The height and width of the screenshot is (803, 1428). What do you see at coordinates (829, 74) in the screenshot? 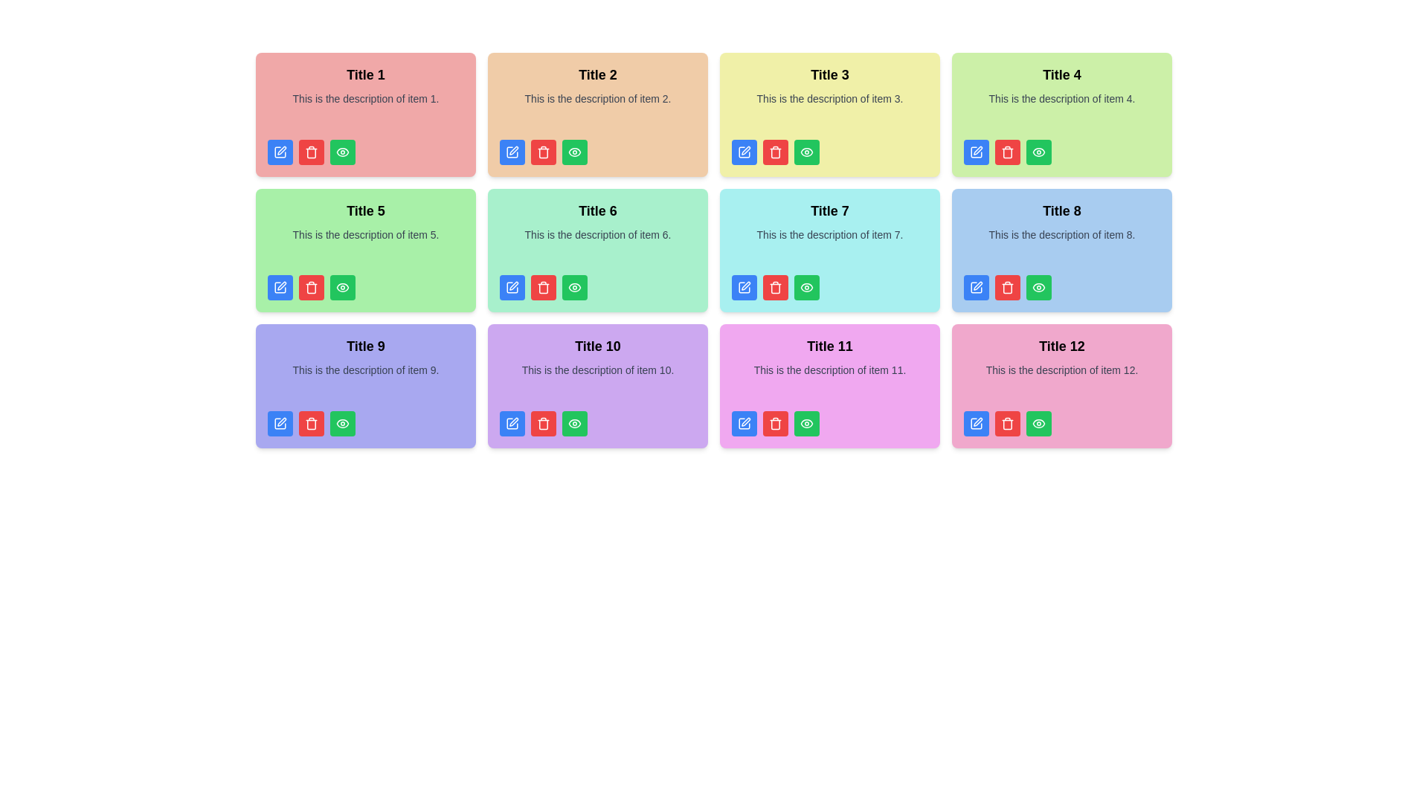
I see `the text label 'Title 3', which is bold and larger than surrounding text, with a dark font color on a light yellow background` at bounding box center [829, 74].